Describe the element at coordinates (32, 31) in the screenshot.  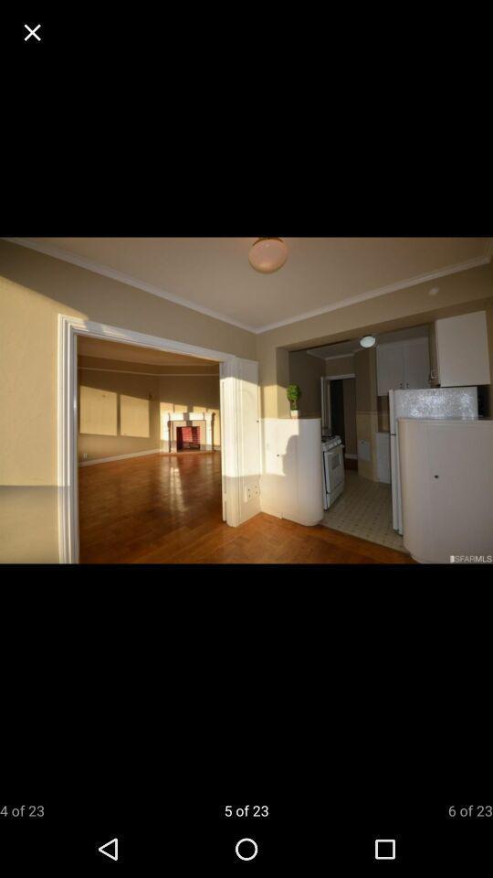
I see `the close icon` at that location.